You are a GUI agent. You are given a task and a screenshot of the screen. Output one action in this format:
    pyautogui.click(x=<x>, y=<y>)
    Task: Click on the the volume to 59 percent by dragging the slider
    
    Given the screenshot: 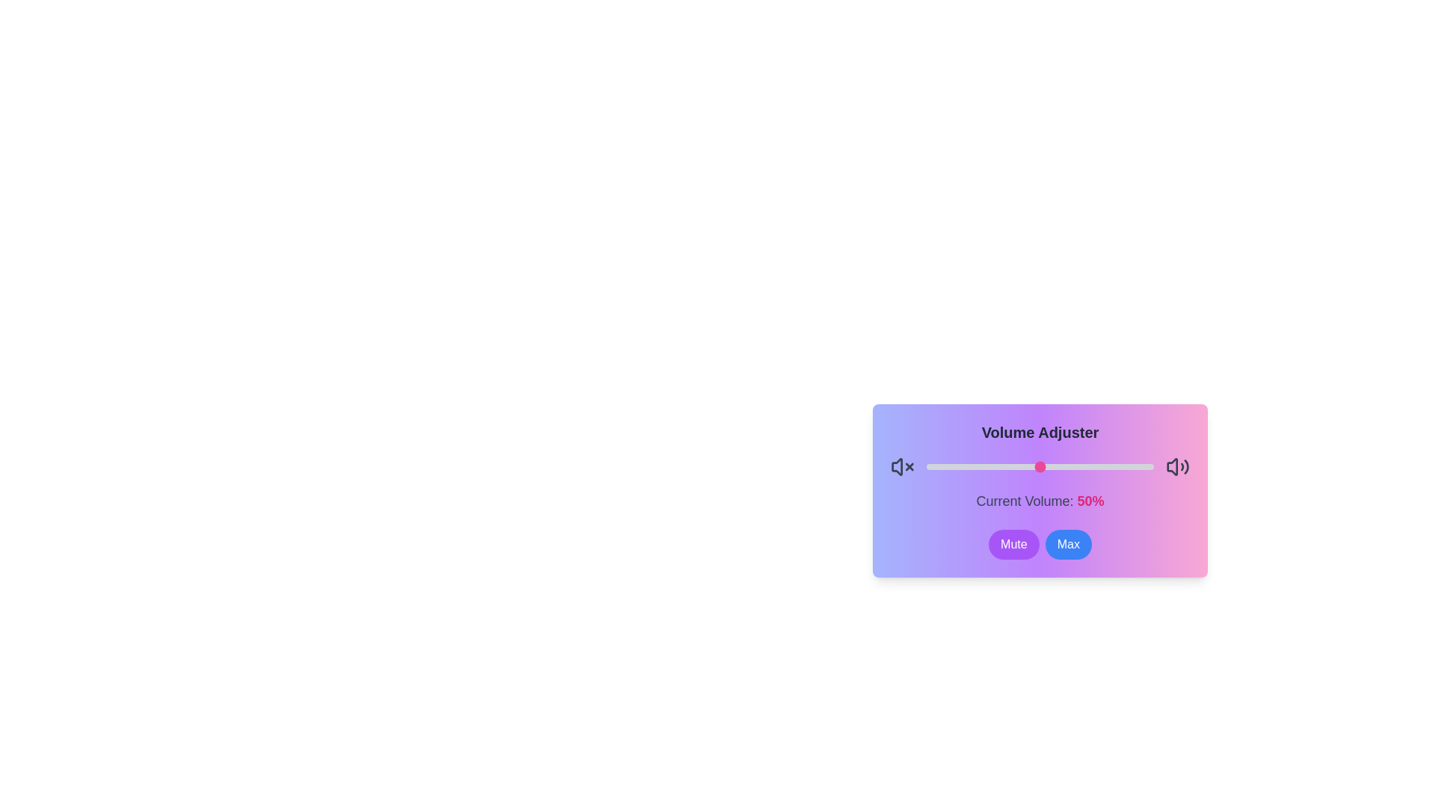 What is the action you would take?
    pyautogui.click(x=1060, y=466)
    